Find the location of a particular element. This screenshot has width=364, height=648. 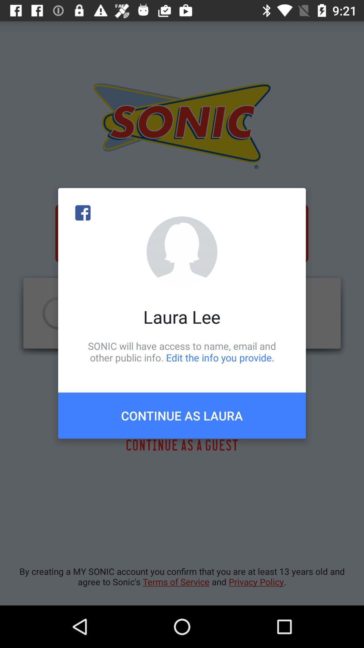

item above the continue as laura item is located at coordinates (182, 351).